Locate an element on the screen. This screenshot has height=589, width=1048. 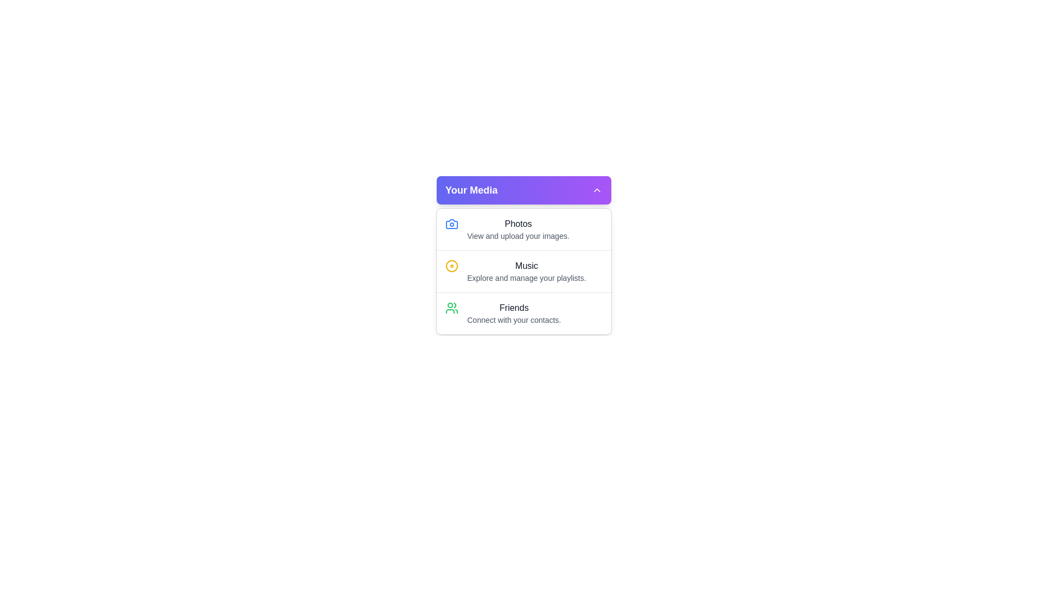
the navigational button labeled 'Photos' which features a blue camera icon and a bold header, located within the 'Your Media' section is located at coordinates (524, 229).